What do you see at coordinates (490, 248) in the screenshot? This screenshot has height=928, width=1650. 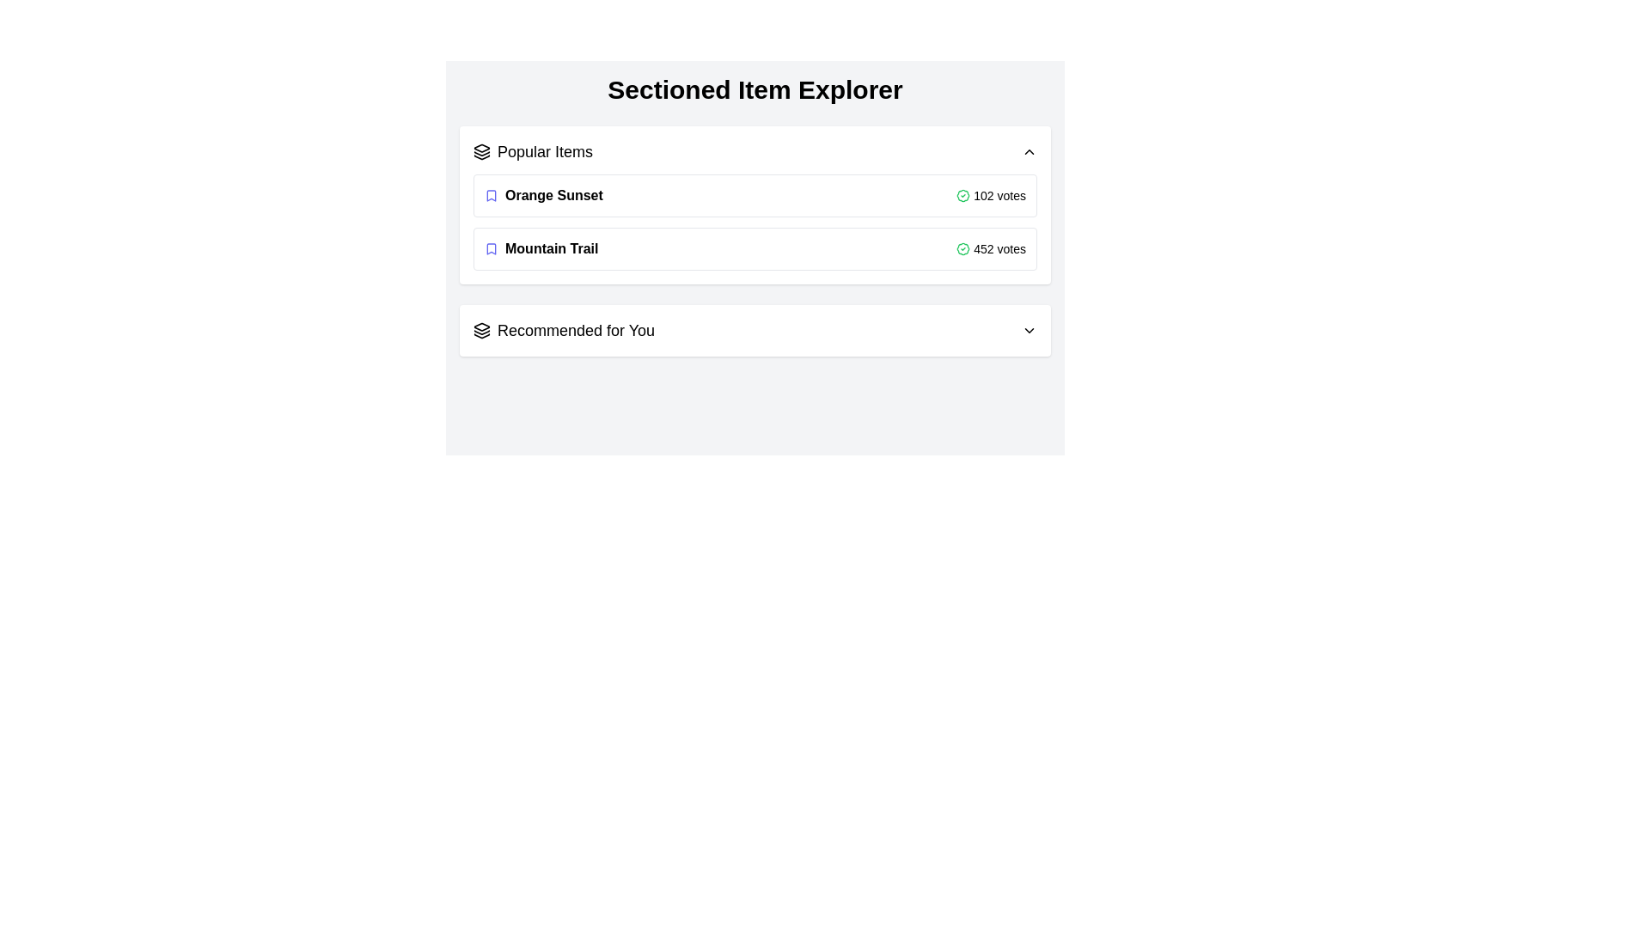 I see `the indigo bookmark icon positioned to the left of the text 'Mountain Trail'` at bounding box center [490, 248].